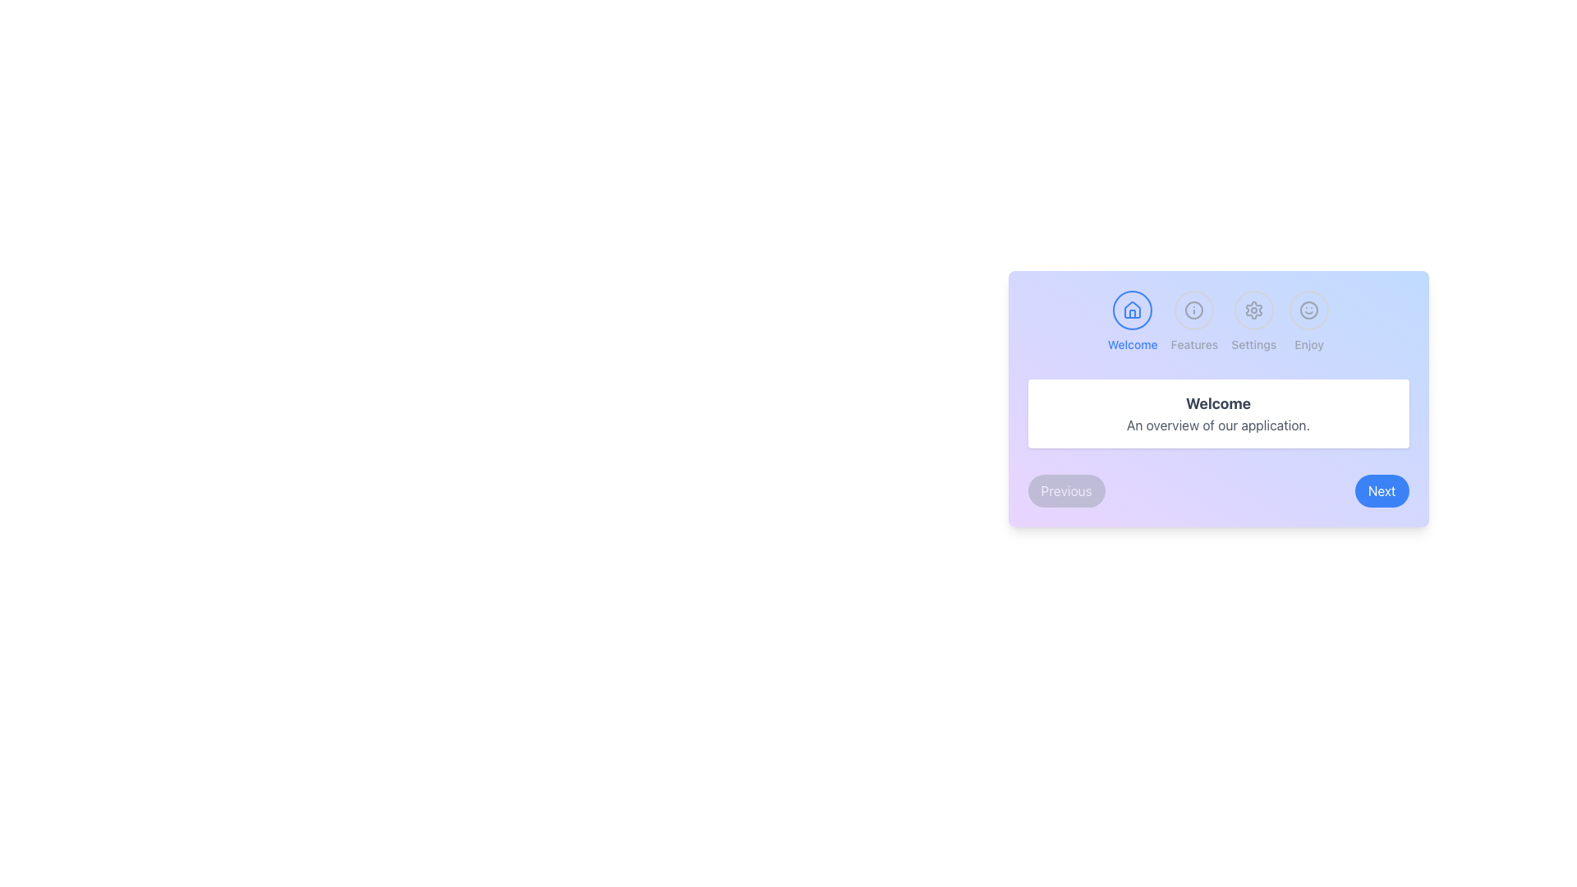 The height and width of the screenshot is (887, 1577). Describe the element at coordinates (1308, 310) in the screenshot. I see `the rightmost circular icon in the menu labeled 'Enjoy'` at that location.